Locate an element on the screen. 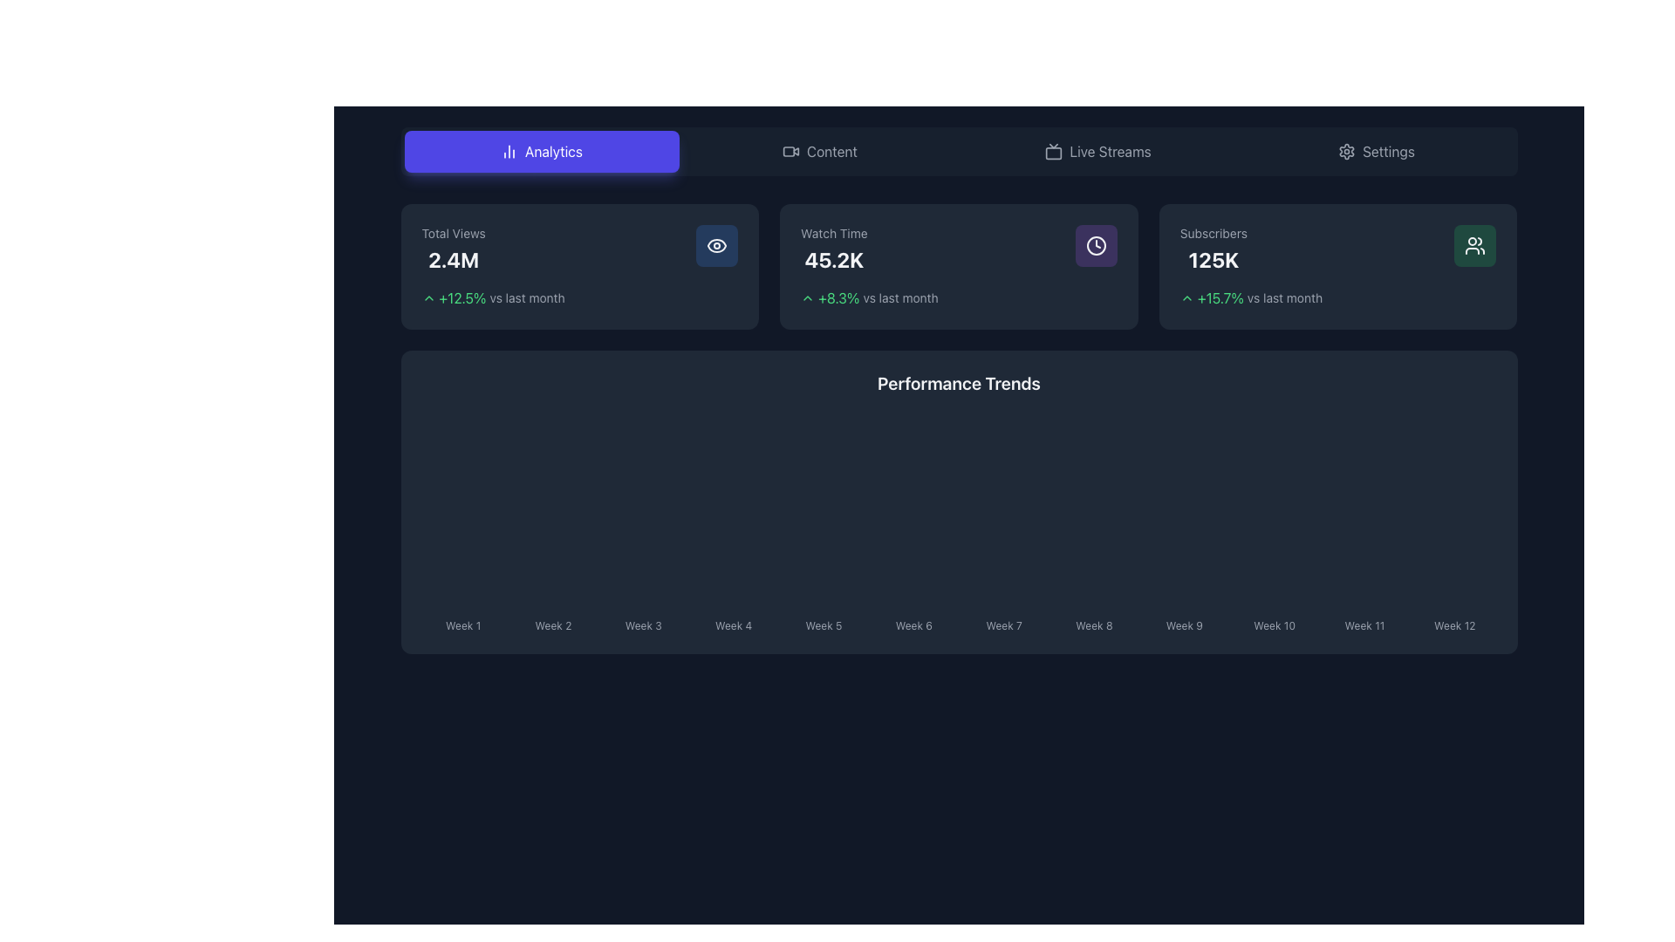 This screenshot has height=942, width=1675. the eye-shaped icon located at the top-right corner of the 'Total Views' card, which features a minimalist design with a stroked outline and smooth curves is located at coordinates (717, 245).